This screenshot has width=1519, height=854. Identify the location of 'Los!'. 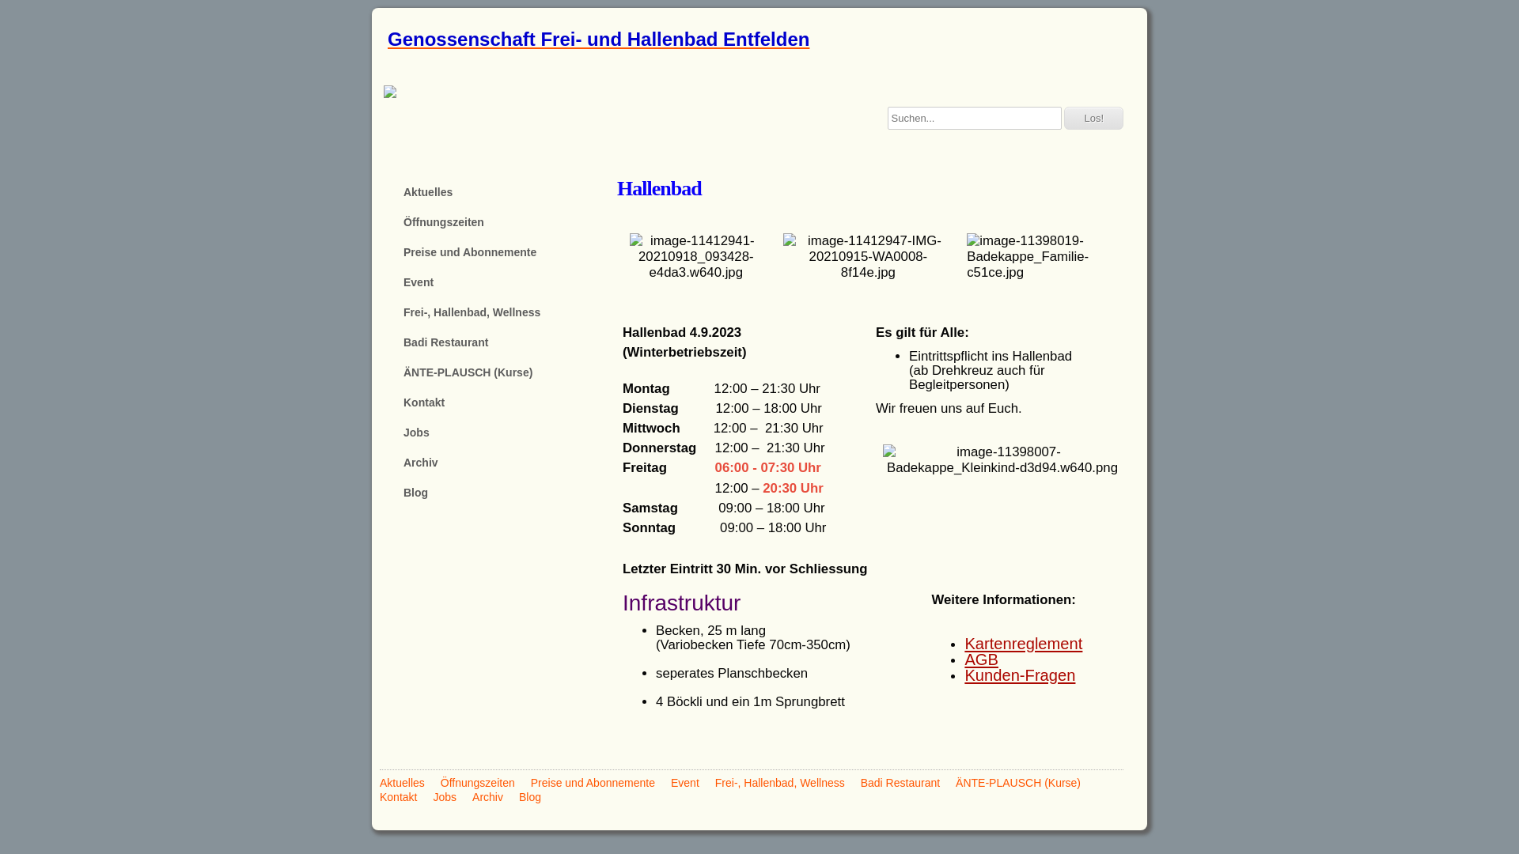
(1093, 117).